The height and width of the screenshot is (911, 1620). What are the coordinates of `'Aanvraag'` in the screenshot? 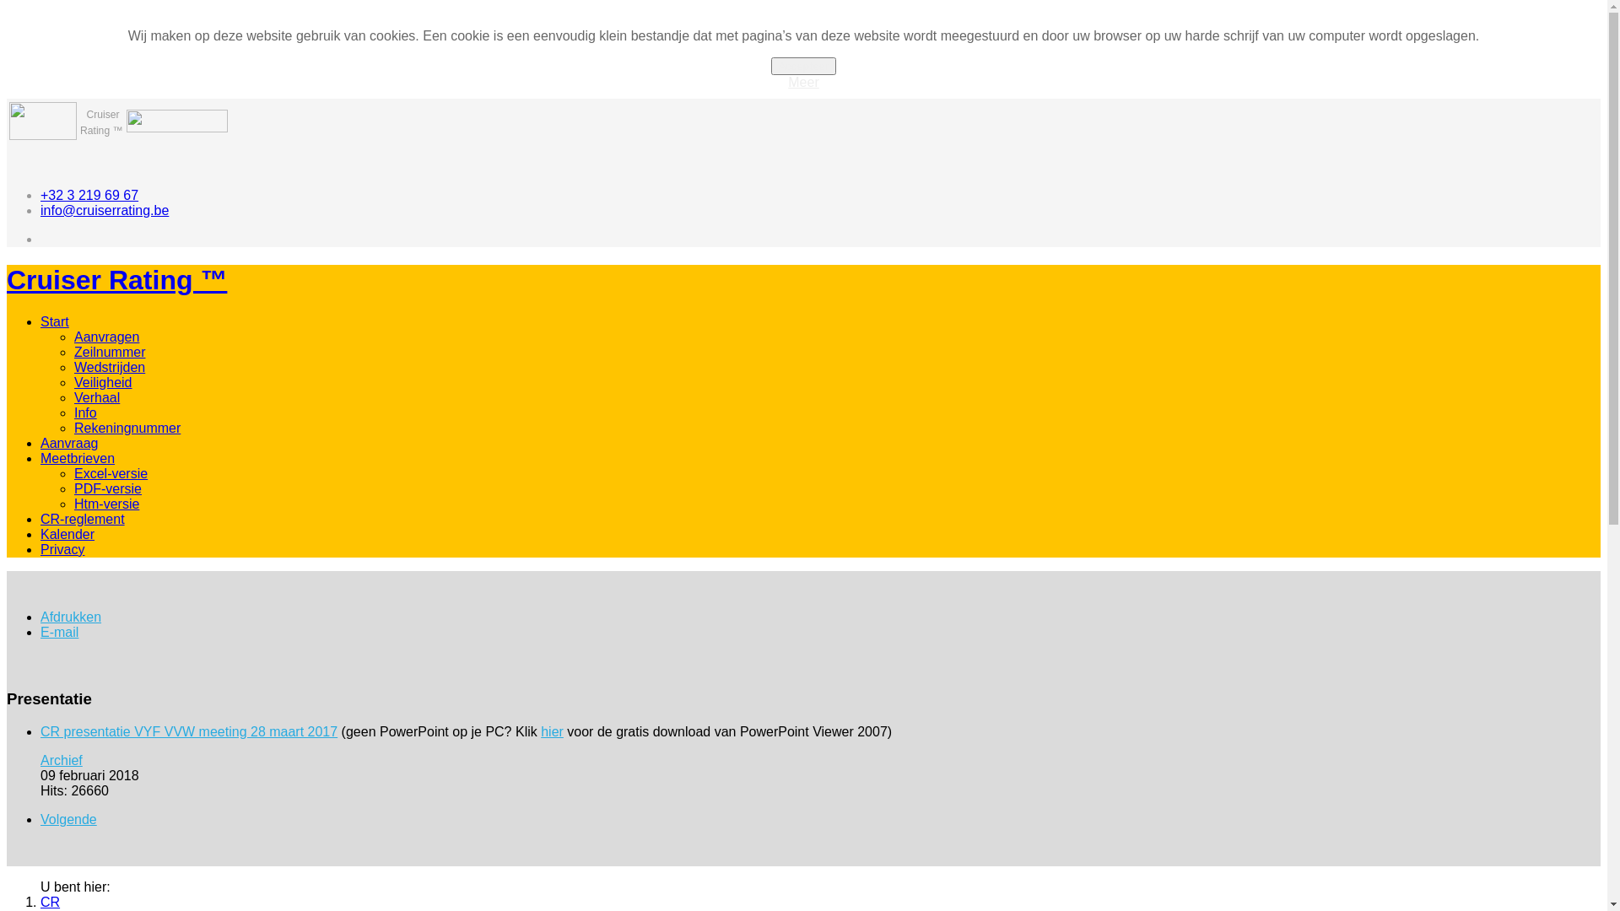 It's located at (68, 442).